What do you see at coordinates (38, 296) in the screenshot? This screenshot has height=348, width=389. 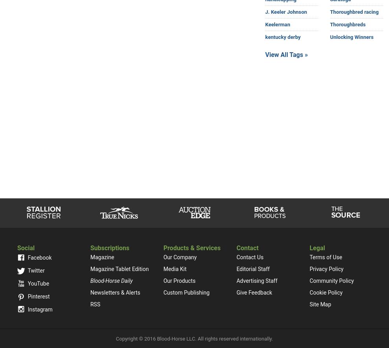 I see `'Pinterest'` at bounding box center [38, 296].